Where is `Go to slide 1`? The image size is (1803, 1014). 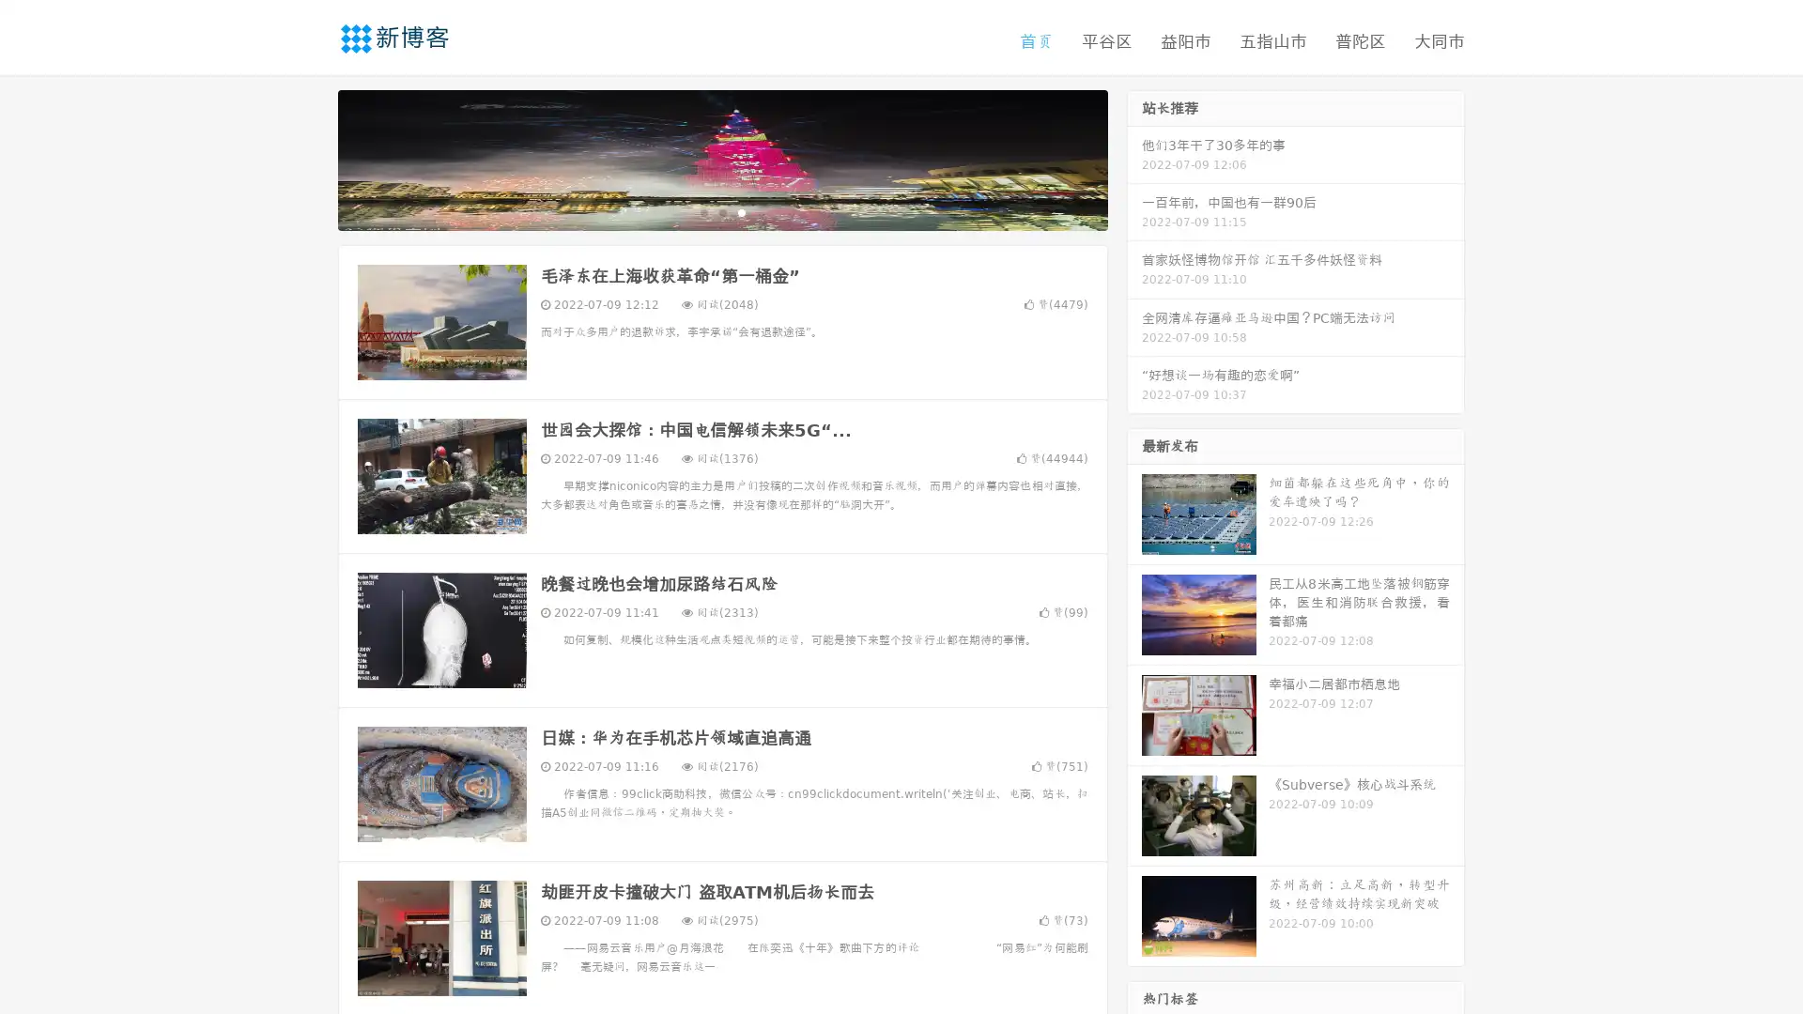
Go to slide 1 is located at coordinates (702, 211).